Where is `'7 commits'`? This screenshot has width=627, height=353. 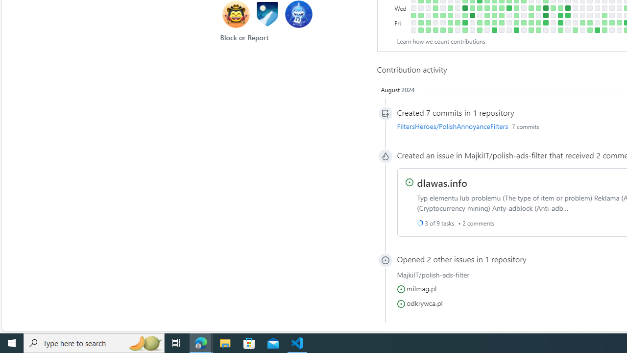 '7 commits' is located at coordinates (525, 126).